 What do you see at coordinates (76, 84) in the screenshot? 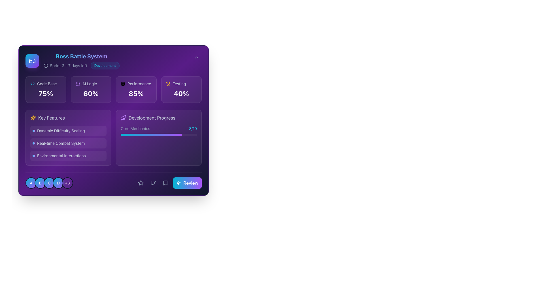
I see `the left-side curved shape of the cloud or brain icon, which is filled with a subtle purple hue, located in the bottom center area of the user interface` at bounding box center [76, 84].